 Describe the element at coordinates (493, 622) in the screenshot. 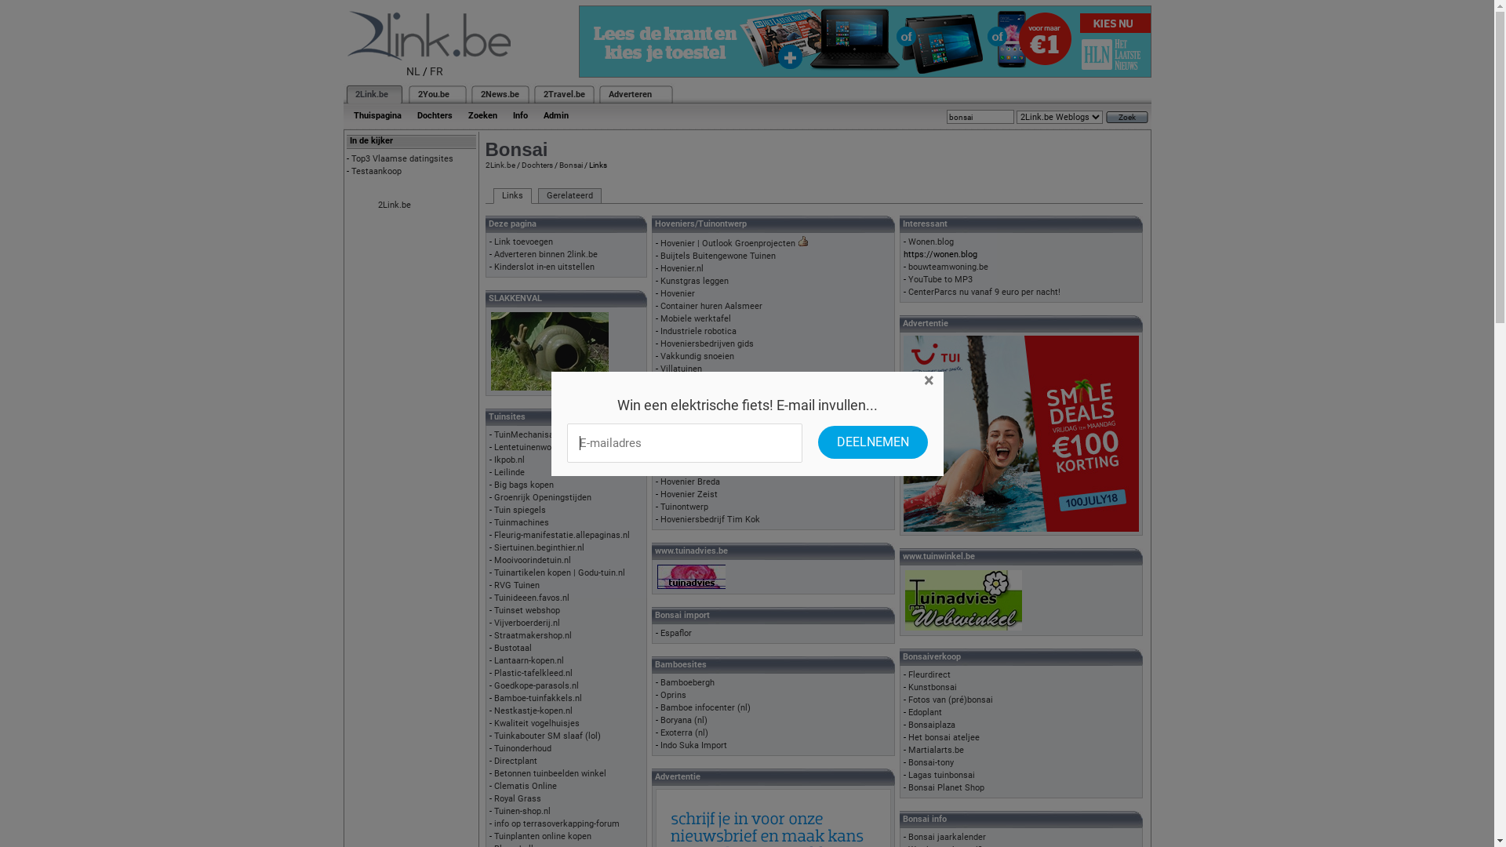

I see `'Vijverboerderij.nl'` at that location.